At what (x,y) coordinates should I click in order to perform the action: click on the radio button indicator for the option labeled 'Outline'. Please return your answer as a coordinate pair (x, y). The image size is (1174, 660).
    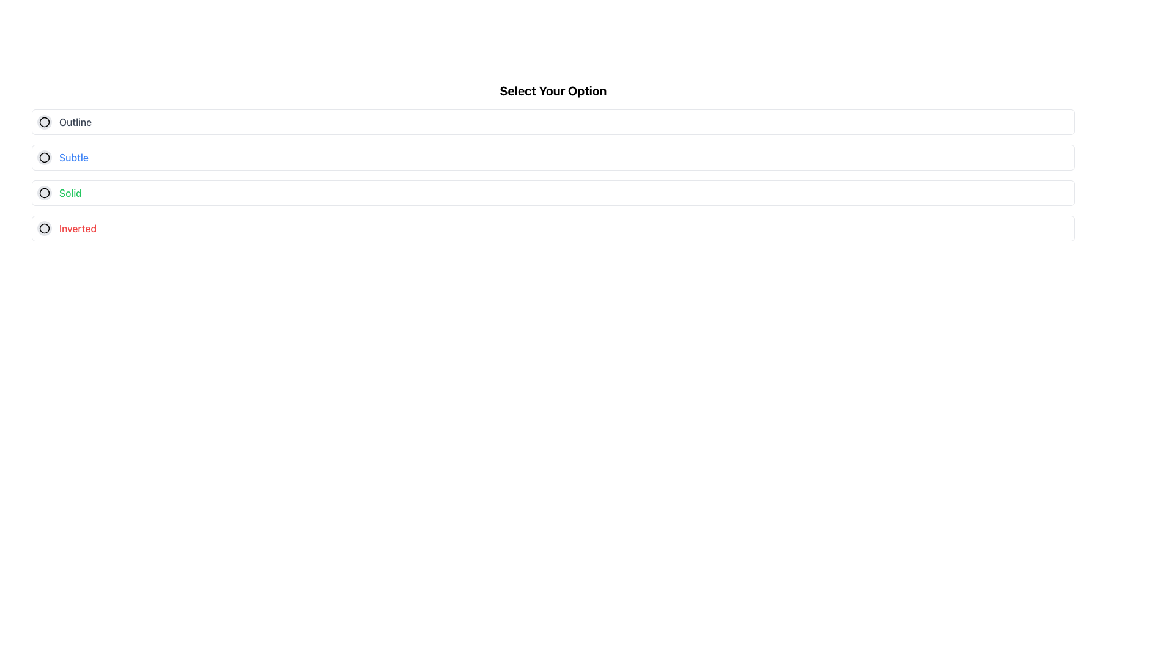
    Looking at the image, I should click on (44, 122).